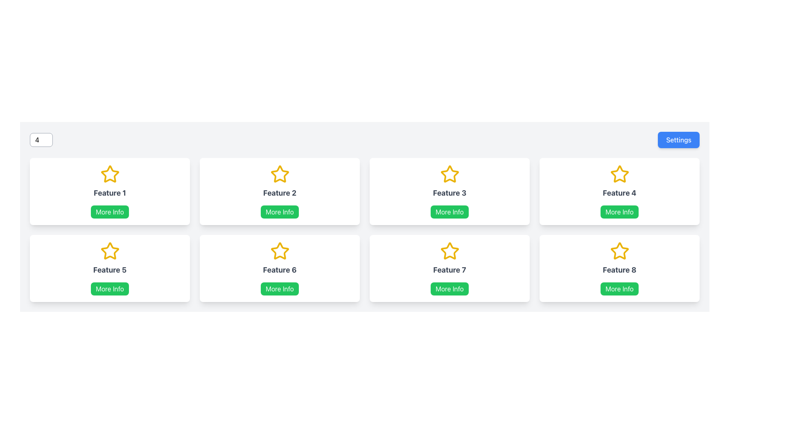 The width and height of the screenshot is (786, 442). What do you see at coordinates (109, 174) in the screenshot?
I see `the yellow star-shaped icon located above the 'Feature 1' text in the top-left card of the grid layout` at bounding box center [109, 174].